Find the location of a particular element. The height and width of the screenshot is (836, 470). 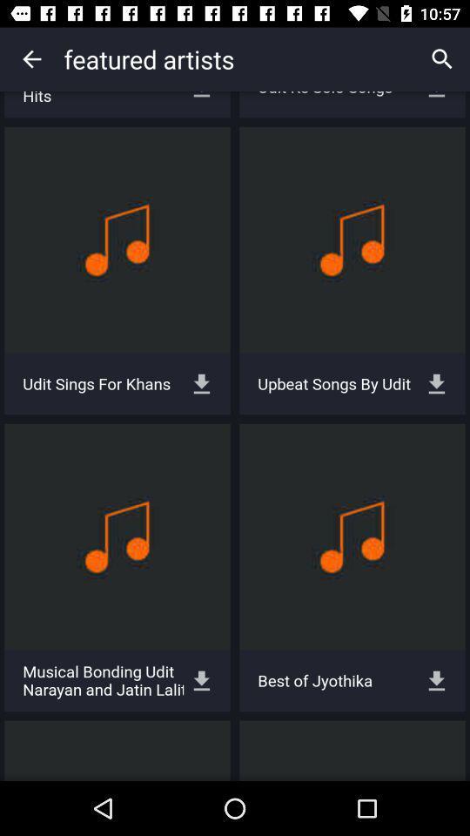

1st row 2nd column box is located at coordinates (352, 239).